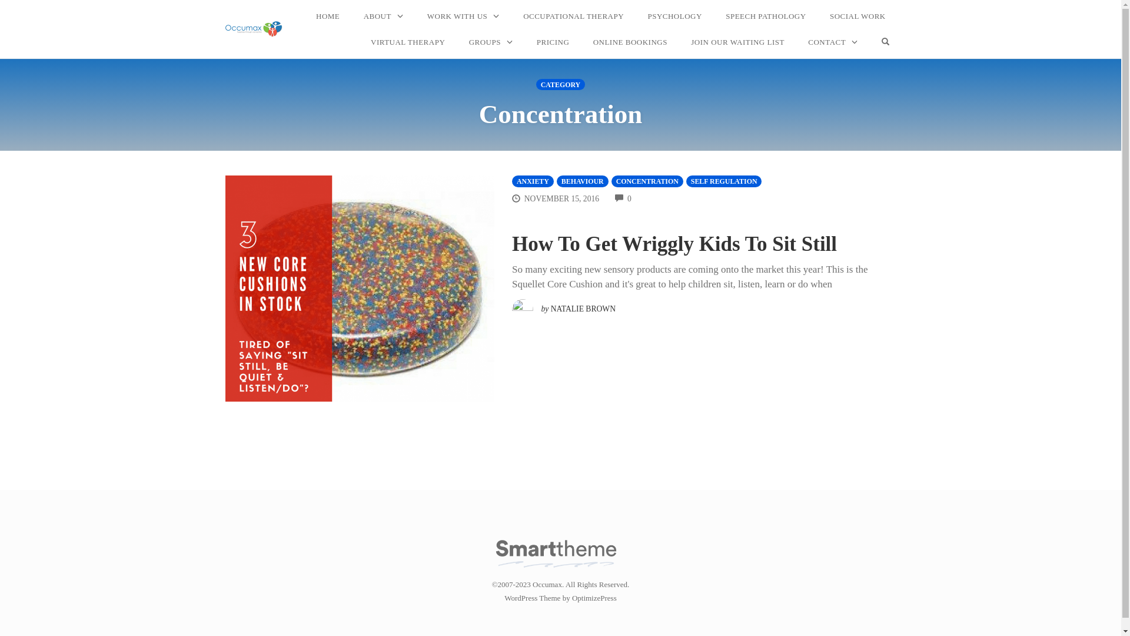 This screenshot has width=1130, height=636. Describe the element at coordinates (253, 28) in the screenshot. I see `'Occumax'` at that location.